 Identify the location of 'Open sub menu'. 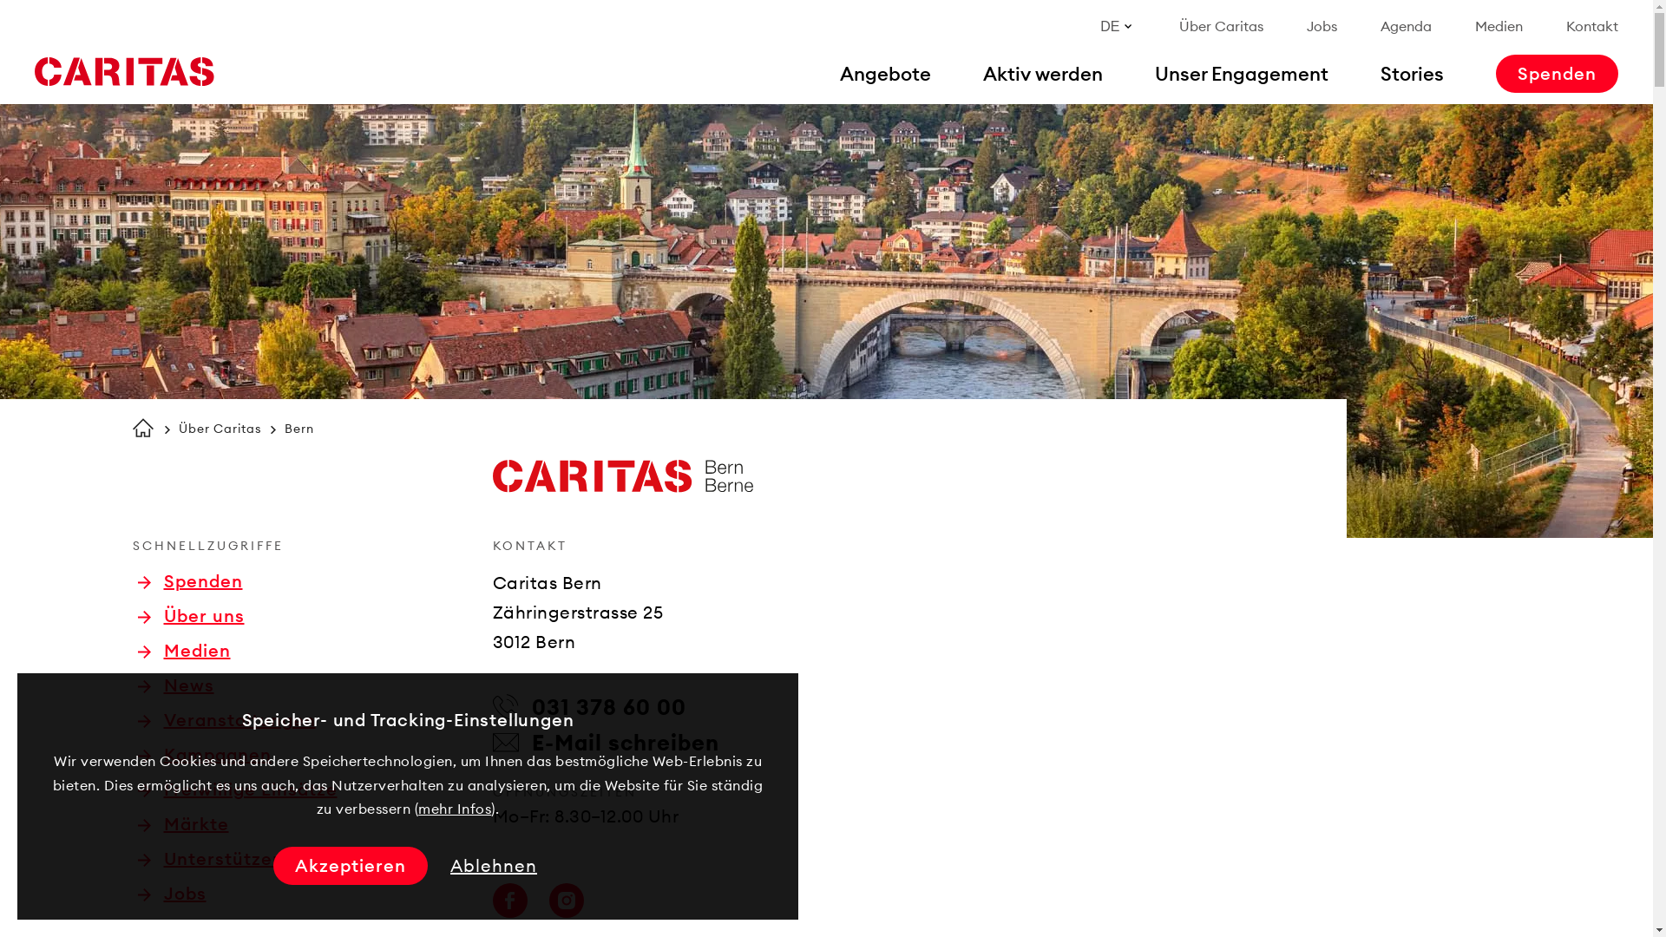
(0, 21).